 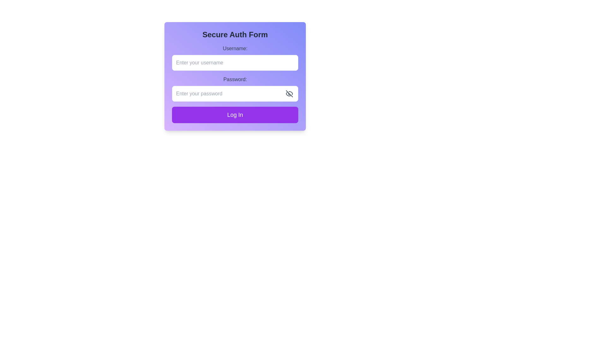 What do you see at coordinates (235, 76) in the screenshot?
I see `the input fields of the Secure Authentication Form by clicking them and then type the credentials` at bounding box center [235, 76].